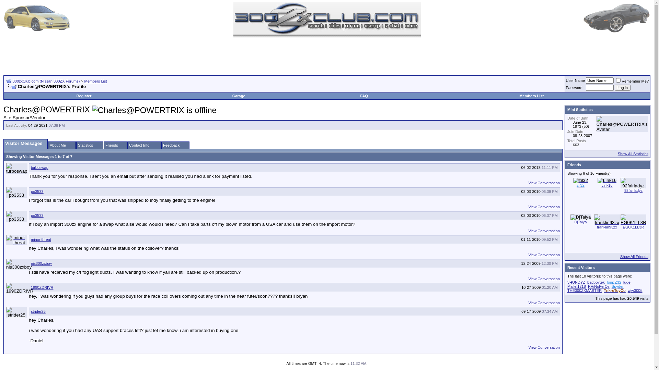  Describe the element at coordinates (580, 217) in the screenshot. I see `'DjTalya'` at that location.